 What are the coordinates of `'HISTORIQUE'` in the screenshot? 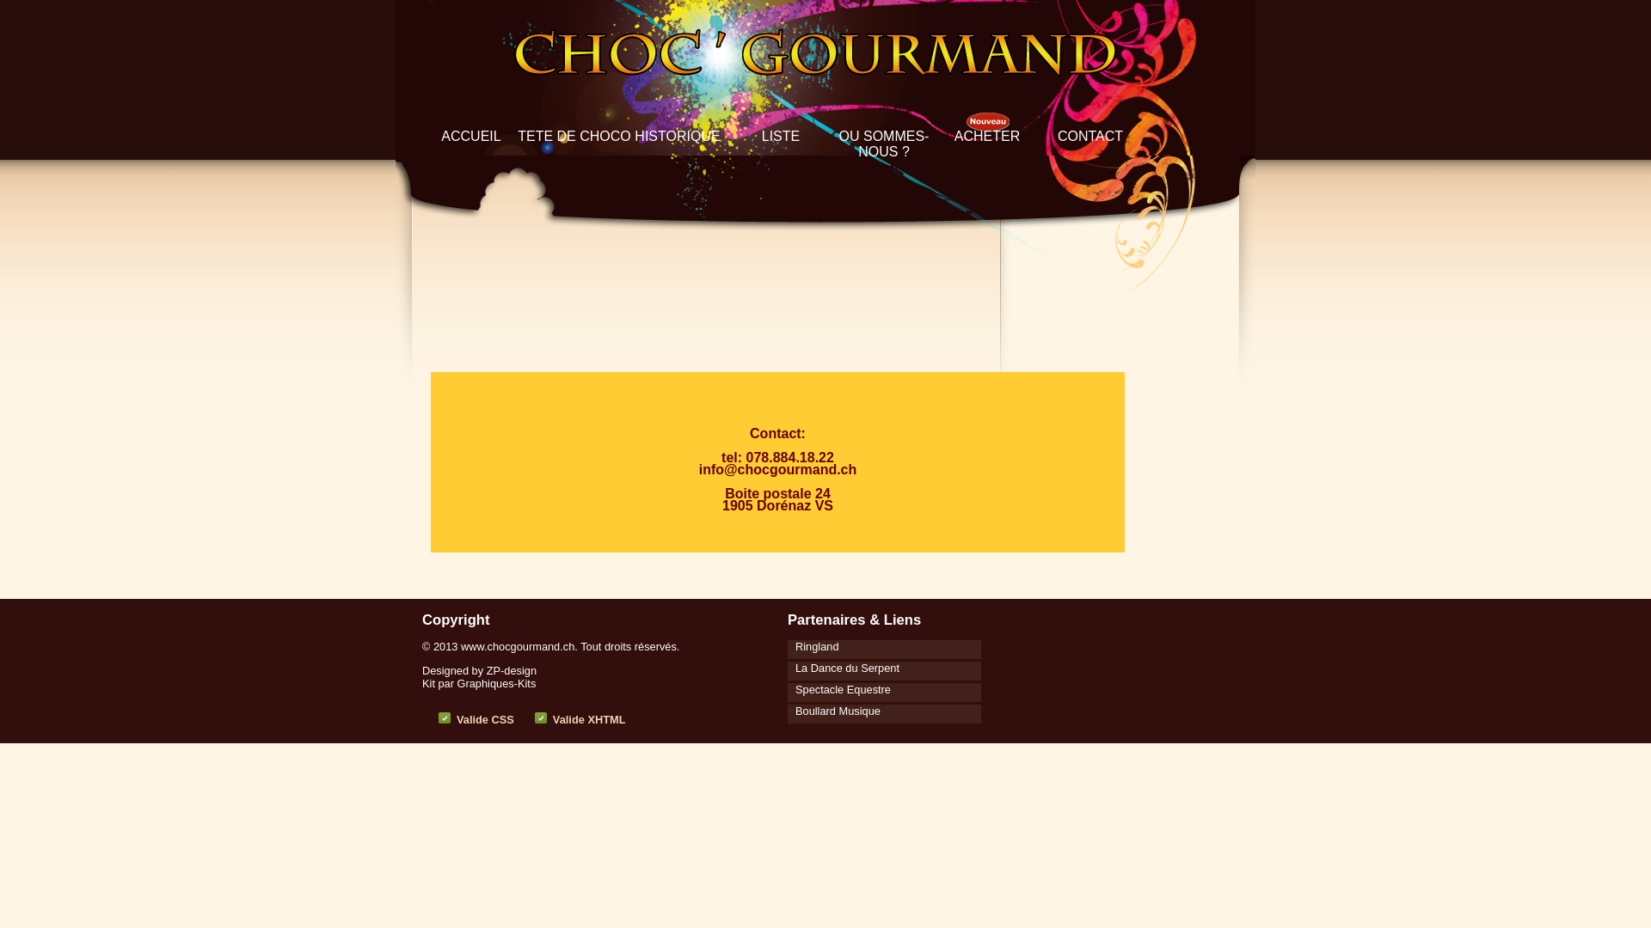 It's located at (676, 135).